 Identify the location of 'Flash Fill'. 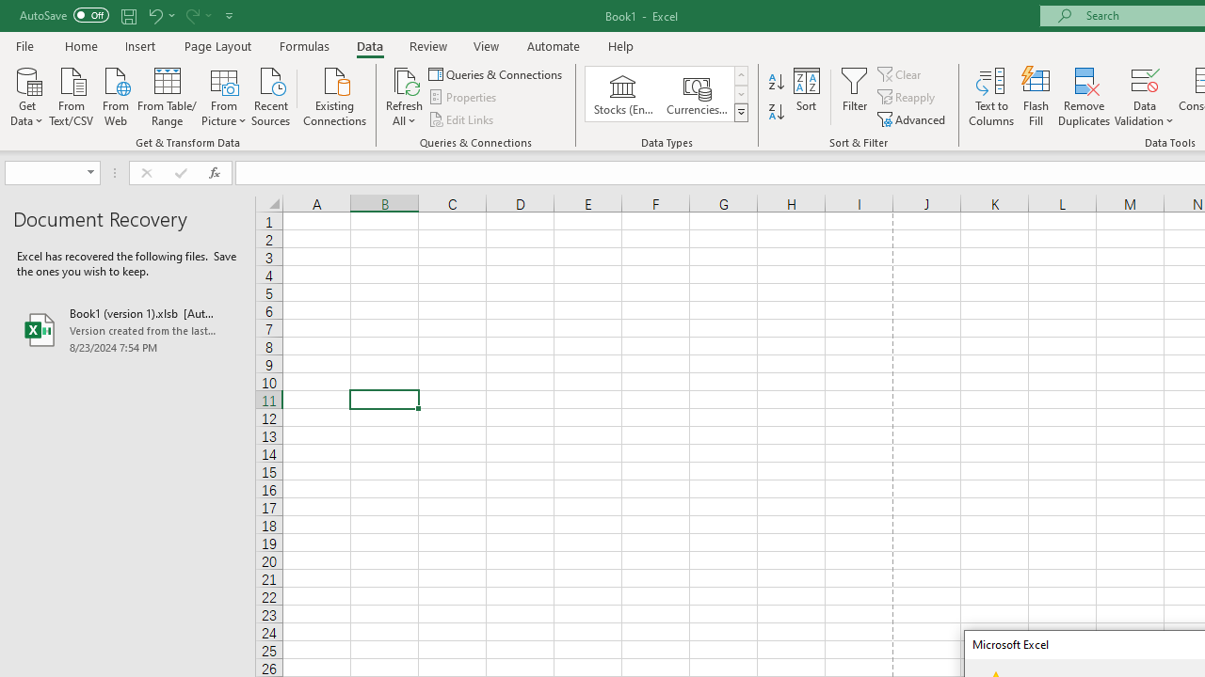
(1036, 97).